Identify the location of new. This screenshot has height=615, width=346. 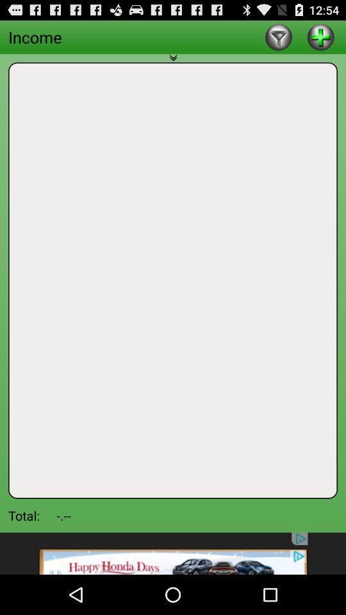
(320, 36).